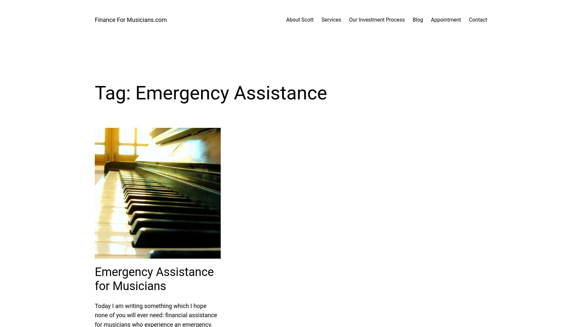 Image resolution: width=582 pixels, height=327 pixels. What do you see at coordinates (300, 20) in the screenshot?
I see `'About Scott'` at bounding box center [300, 20].